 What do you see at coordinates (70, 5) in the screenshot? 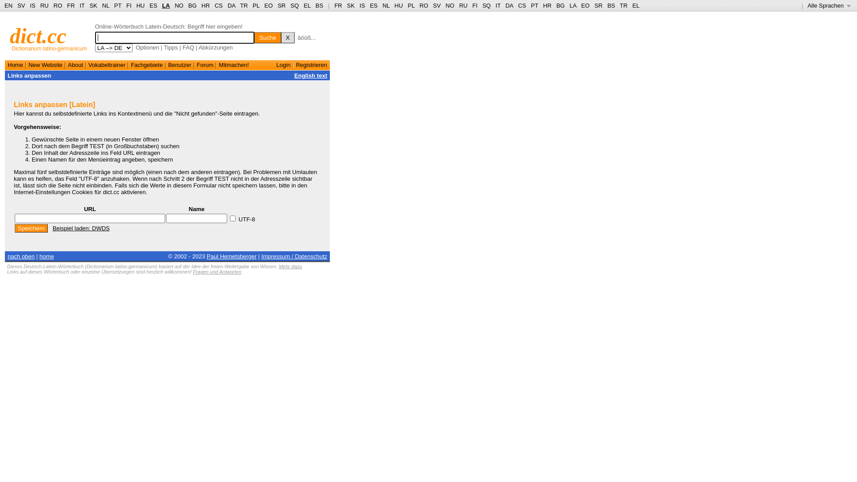
I see `'FR'` at bounding box center [70, 5].